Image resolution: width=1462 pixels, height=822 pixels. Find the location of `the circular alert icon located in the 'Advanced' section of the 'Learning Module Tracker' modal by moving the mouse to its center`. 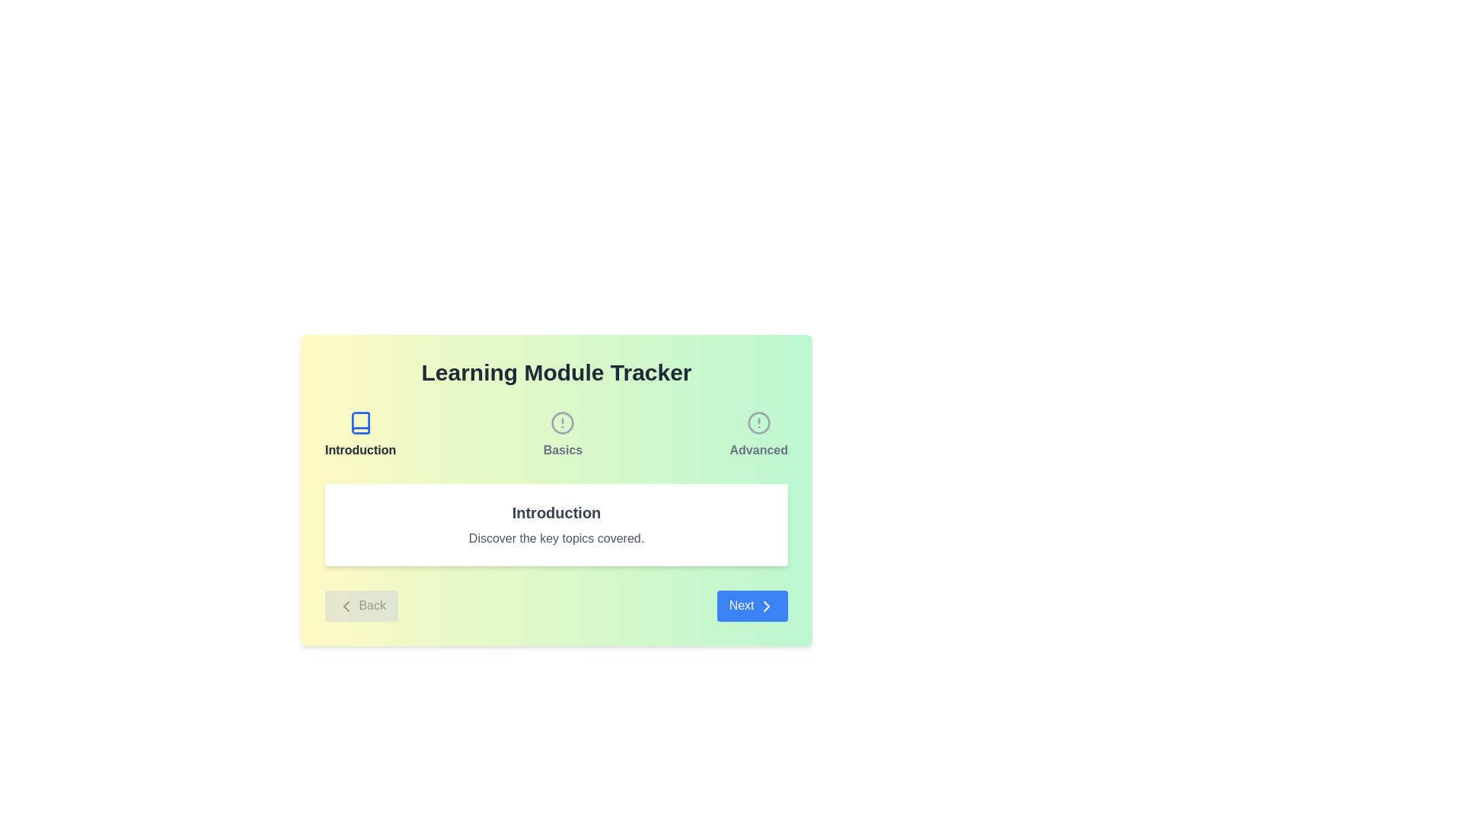

the circular alert icon located in the 'Advanced' section of the 'Learning Module Tracker' modal by moving the mouse to its center is located at coordinates (758, 422).